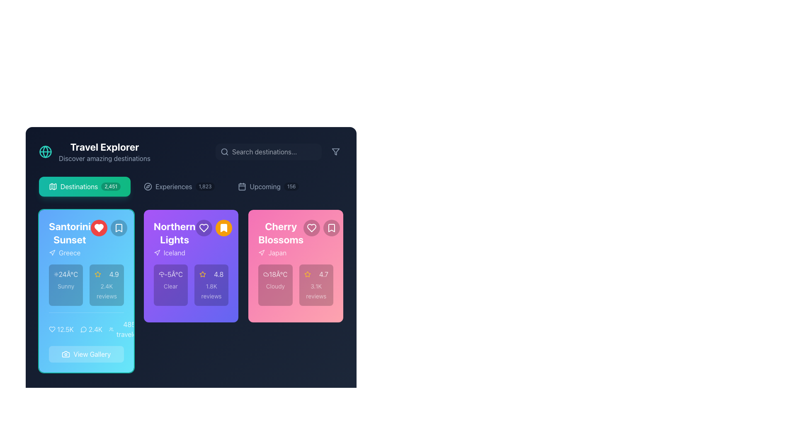 Image resolution: width=796 pixels, height=447 pixels. Describe the element at coordinates (98, 274) in the screenshot. I see `the star icon representing a rating score of 4.9, located within the 'Santorini Sunset' card` at that location.